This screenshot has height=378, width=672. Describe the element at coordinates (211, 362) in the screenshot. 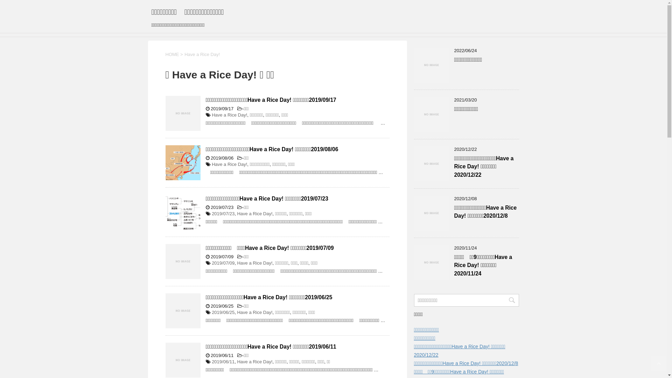

I see `'2019/06/11'` at that location.